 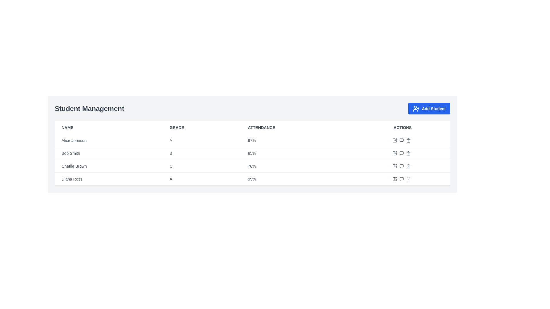 I want to click on the communication icon in the second row of the 'Actions' column next to 'Bob Smith', so click(x=401, y=153).